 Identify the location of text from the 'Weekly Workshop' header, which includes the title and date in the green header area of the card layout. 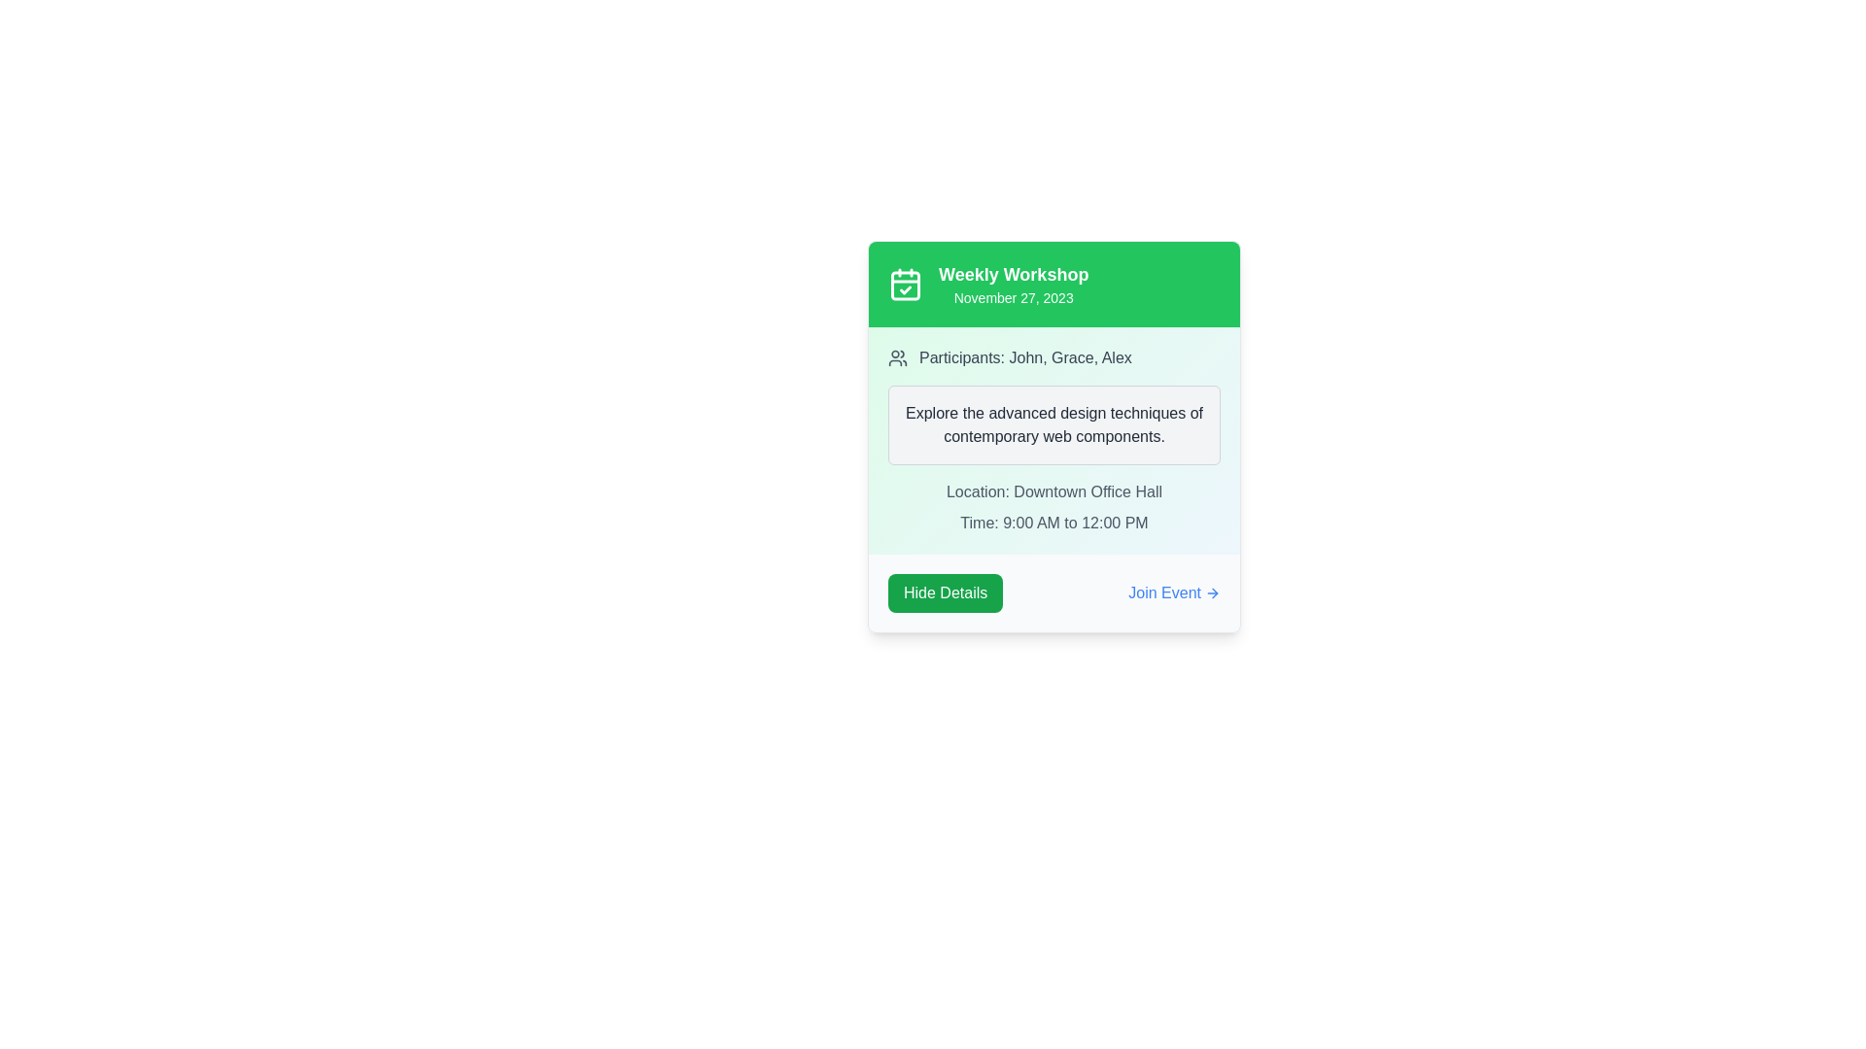
(1013, 285).